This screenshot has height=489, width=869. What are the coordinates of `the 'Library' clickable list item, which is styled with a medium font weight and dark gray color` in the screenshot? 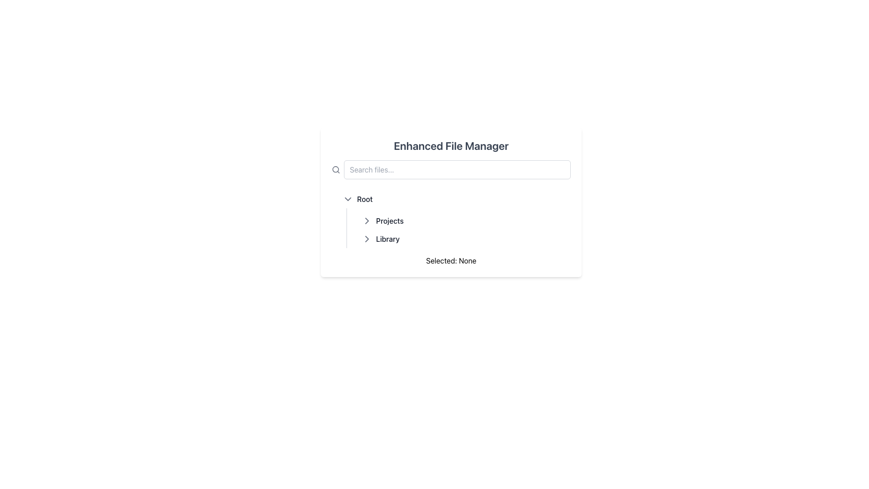 It's located at (464, 239).